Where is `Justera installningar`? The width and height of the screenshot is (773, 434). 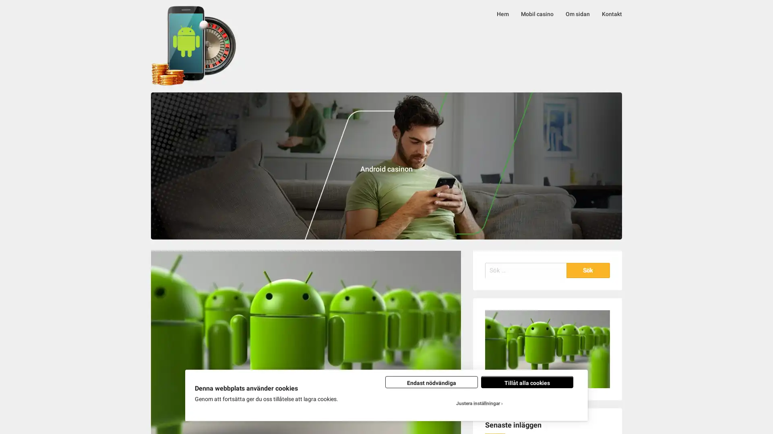 Justera installningar is located at coordinates (479, 403).